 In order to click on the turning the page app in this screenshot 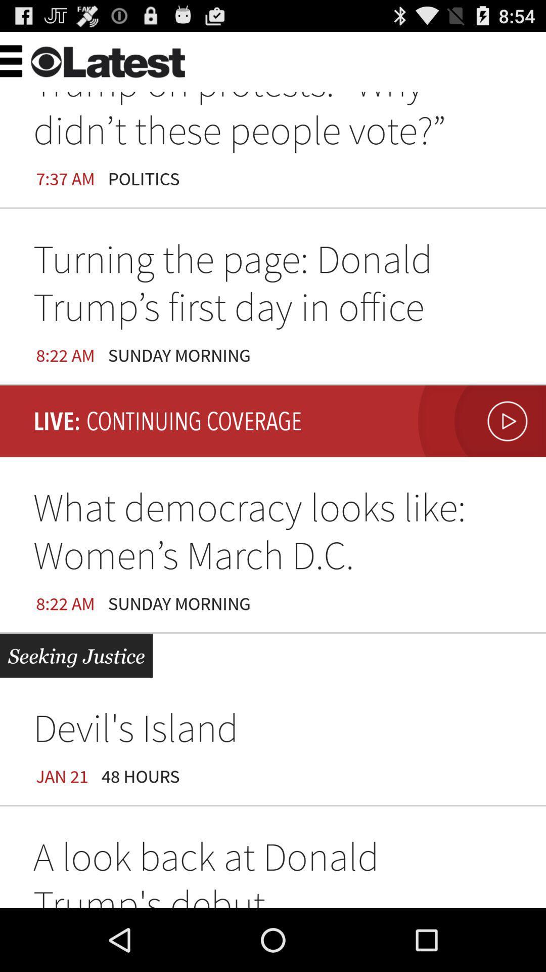, I will do `click(273, 286)`.